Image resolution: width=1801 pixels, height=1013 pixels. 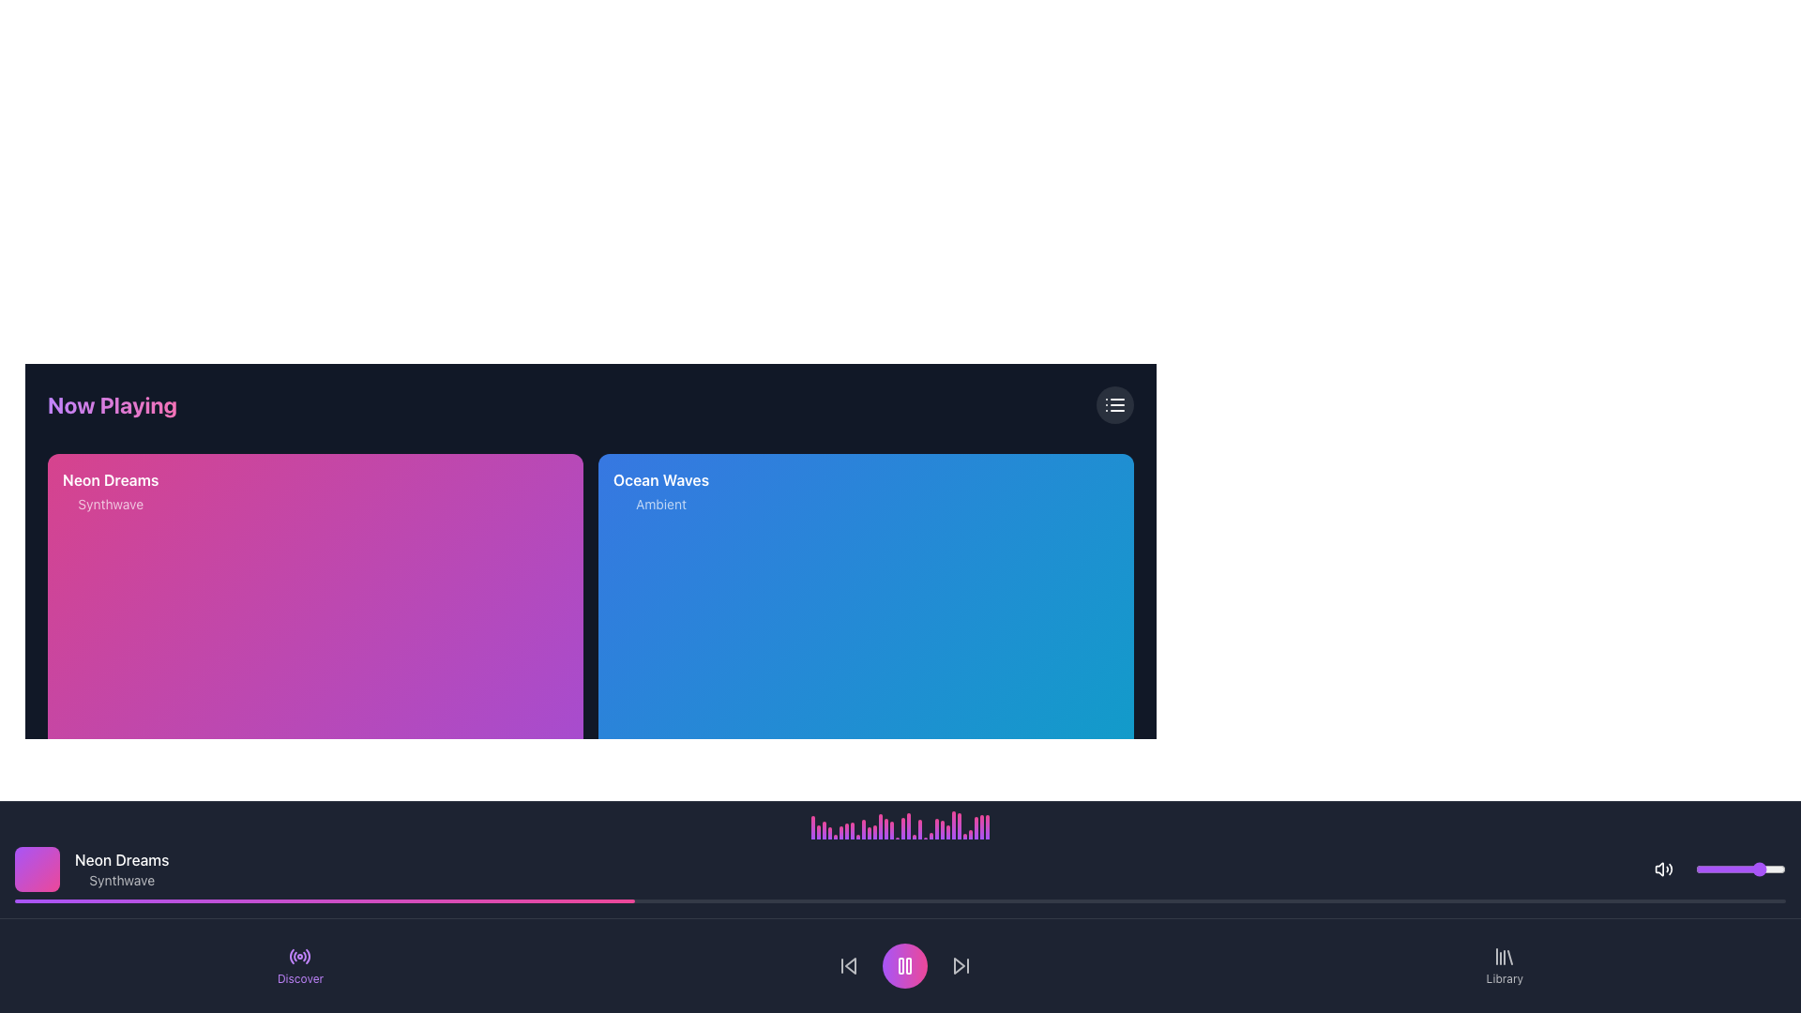 I want to click on the Pause button, which is a circular button with a gradient background from purple to pink containing two vertical bars, so click(x=904, y=965).